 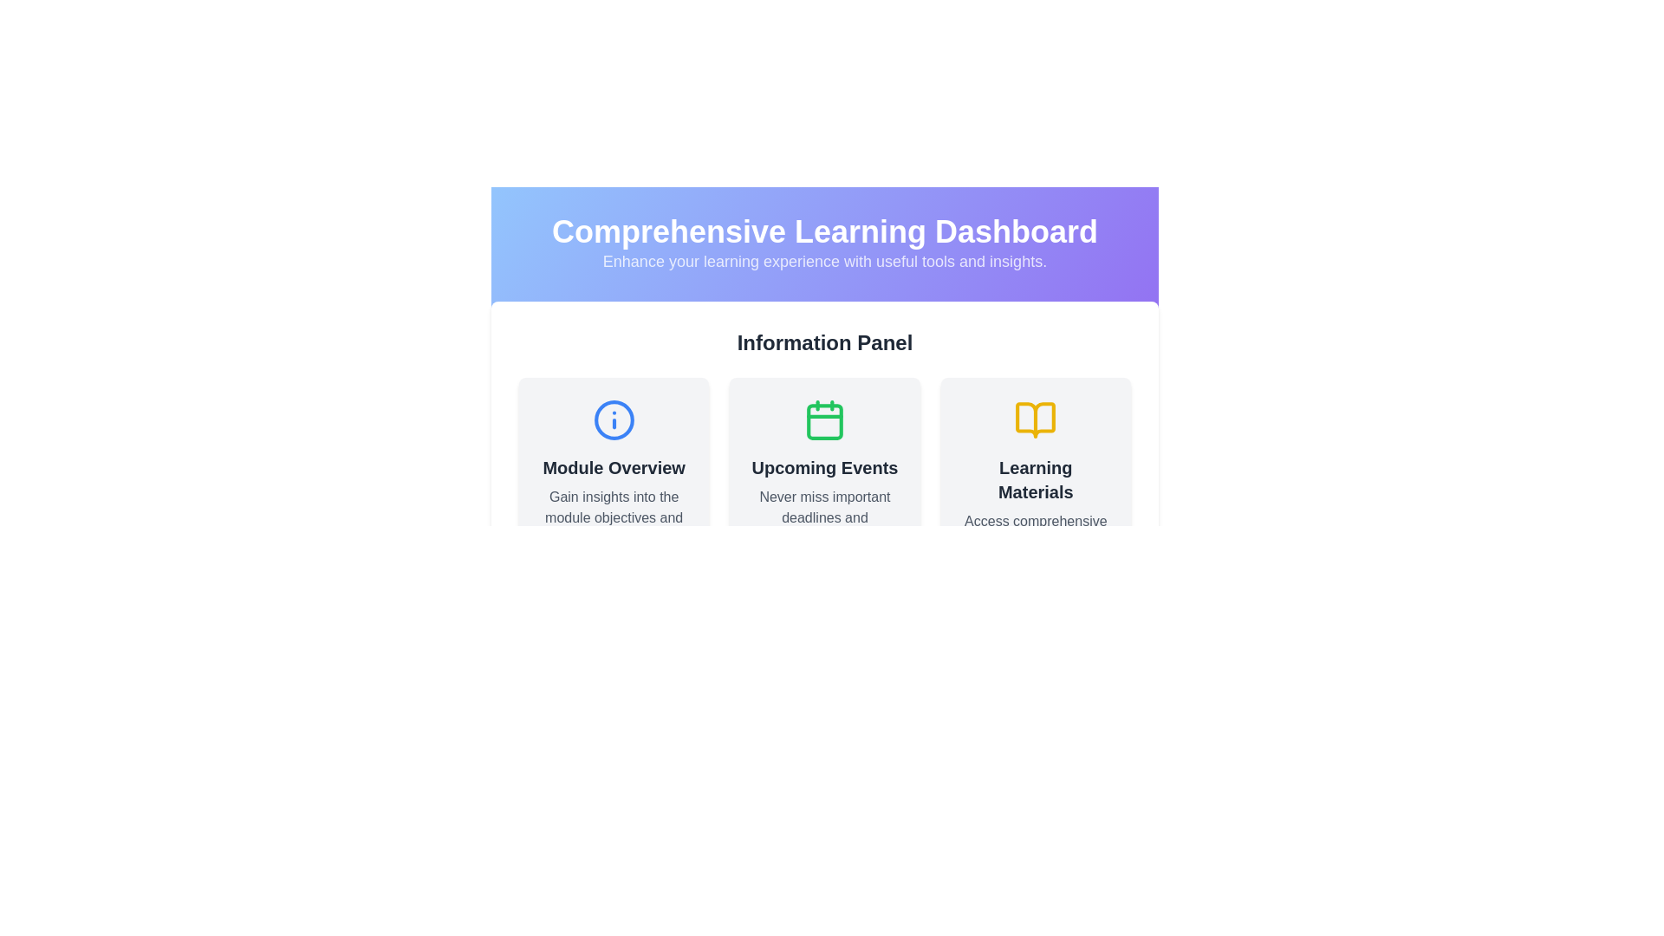 I want to click on header titled 'Information Panel' which is bold, larger in font size, and colored dark gray, located prominently near the top of the interface, so click(x=823, y=343).